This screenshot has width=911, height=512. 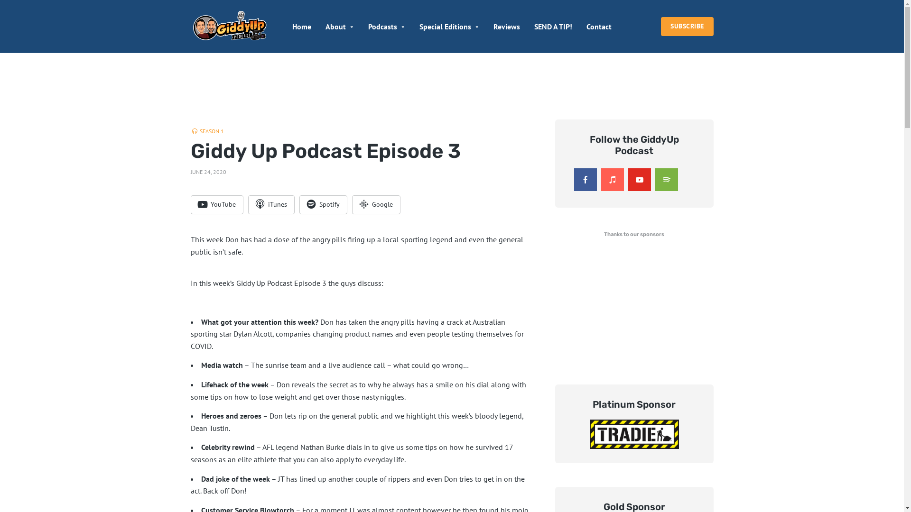 I want to click on 'spotify', so click(x=665, y=179).